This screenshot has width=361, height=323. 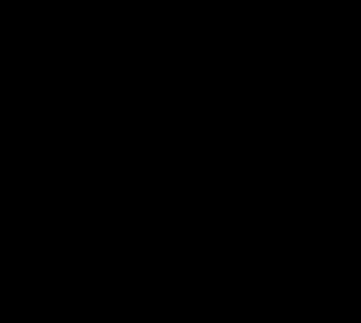 What do you see at coordinates (179, 157) in the screenshot?
I see `'Your answers to the questions below help me improve my work as a coach, deliver even more value to you and help future participants decide if this course is a fit for them.'` at bounding box center [179, 157].